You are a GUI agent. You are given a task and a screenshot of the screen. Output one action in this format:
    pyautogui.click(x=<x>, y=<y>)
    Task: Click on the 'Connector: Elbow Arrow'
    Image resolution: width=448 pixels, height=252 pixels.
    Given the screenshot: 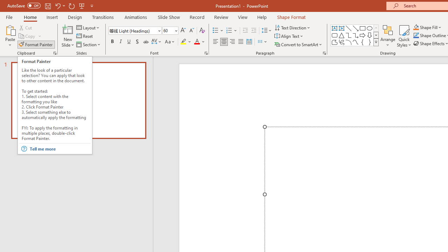 What is the action you would take?
    pyautogui.click(x=356, y=35)
    